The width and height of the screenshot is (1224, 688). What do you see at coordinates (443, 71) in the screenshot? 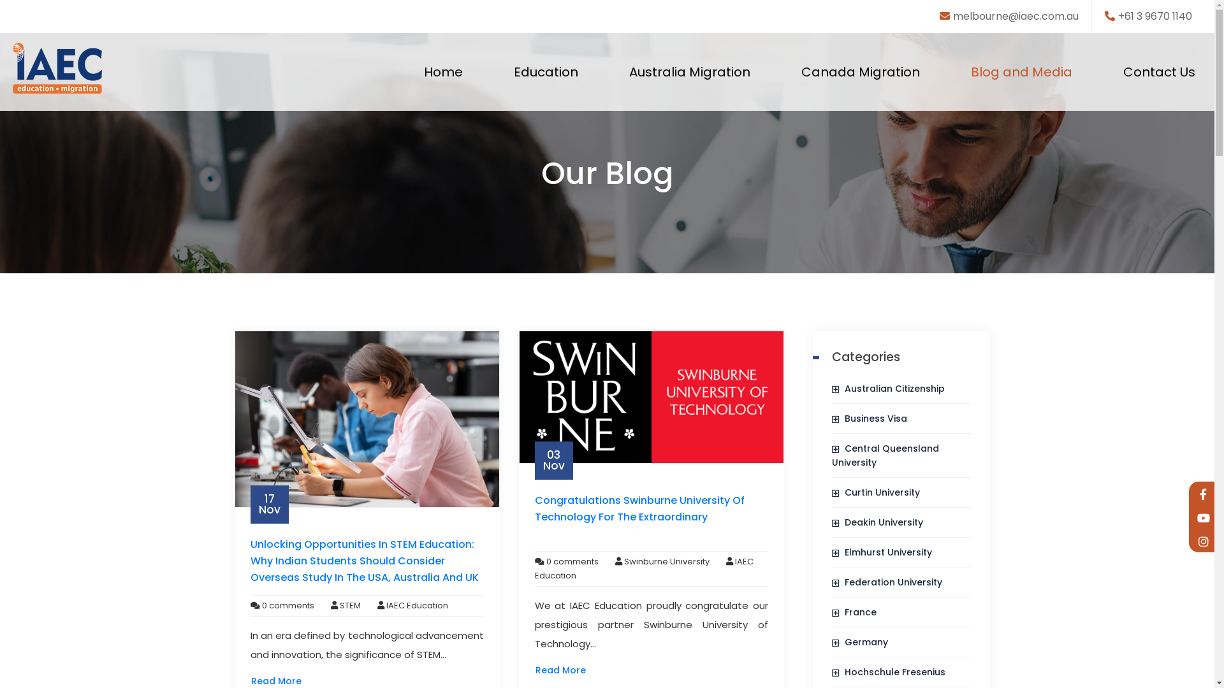
I see `'Home'` at bounding box center [443, 71].